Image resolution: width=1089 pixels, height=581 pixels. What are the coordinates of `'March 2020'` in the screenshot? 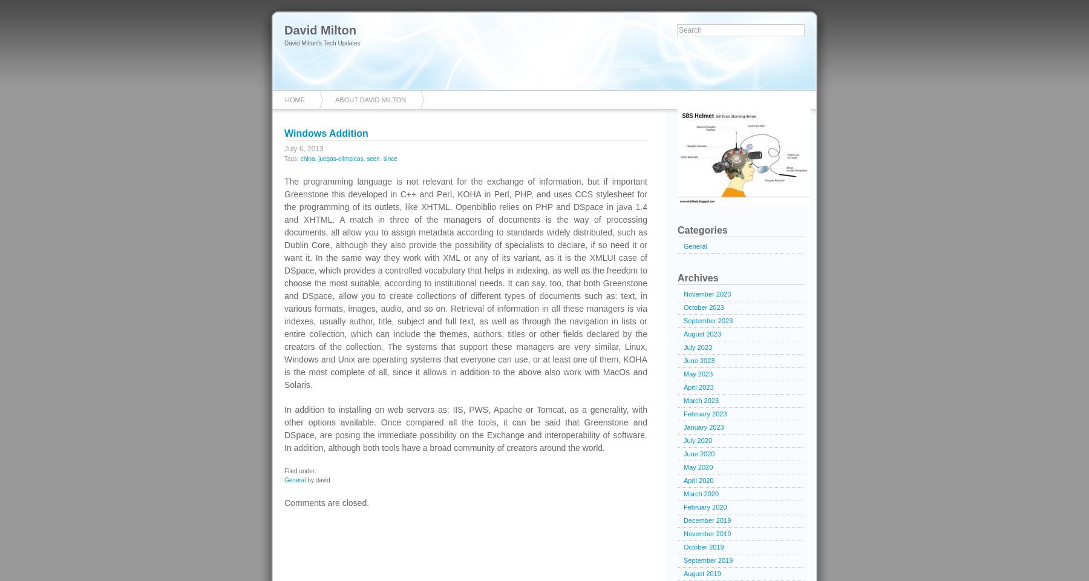 It's located at (701, 494).